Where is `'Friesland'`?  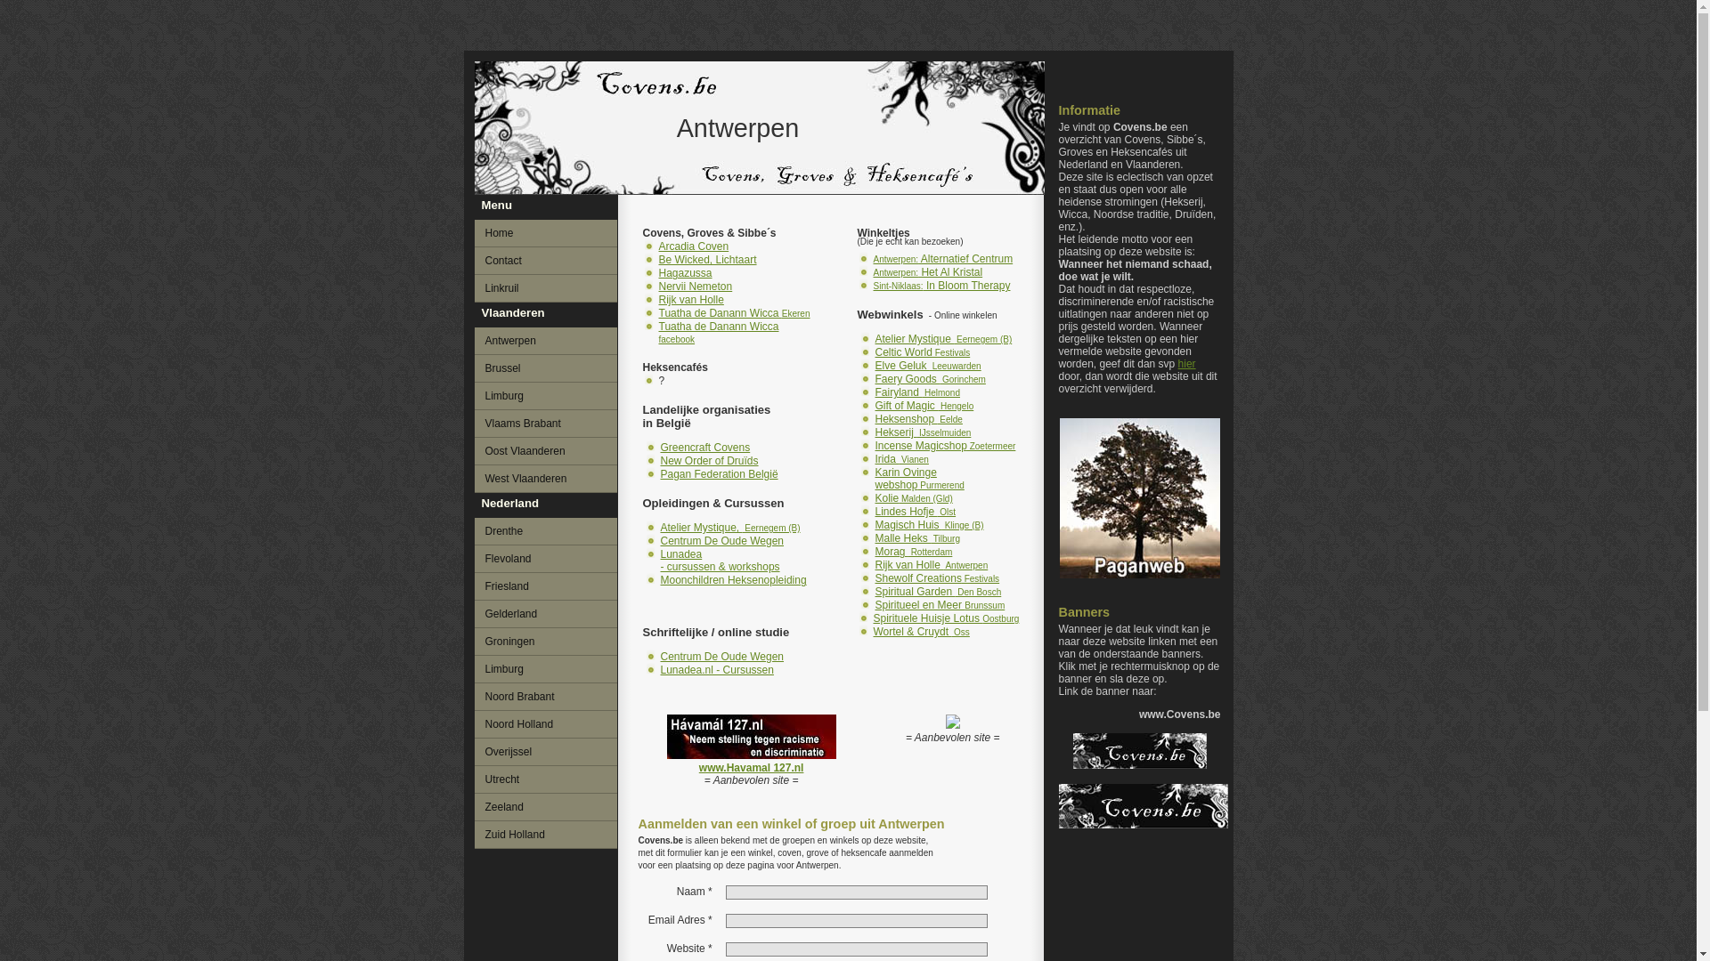
'Friesland' is located at coordinates (543, 586).